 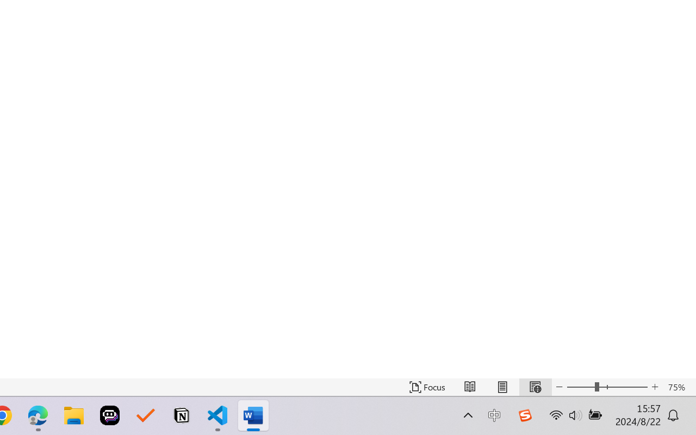 I want to click on 'Zoom', so click(x=606, y=387).